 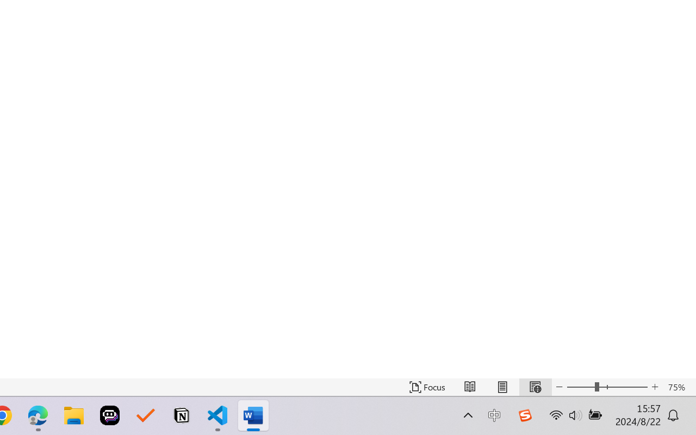 I want to click on 'Zoom', so click(x=606, y=387).